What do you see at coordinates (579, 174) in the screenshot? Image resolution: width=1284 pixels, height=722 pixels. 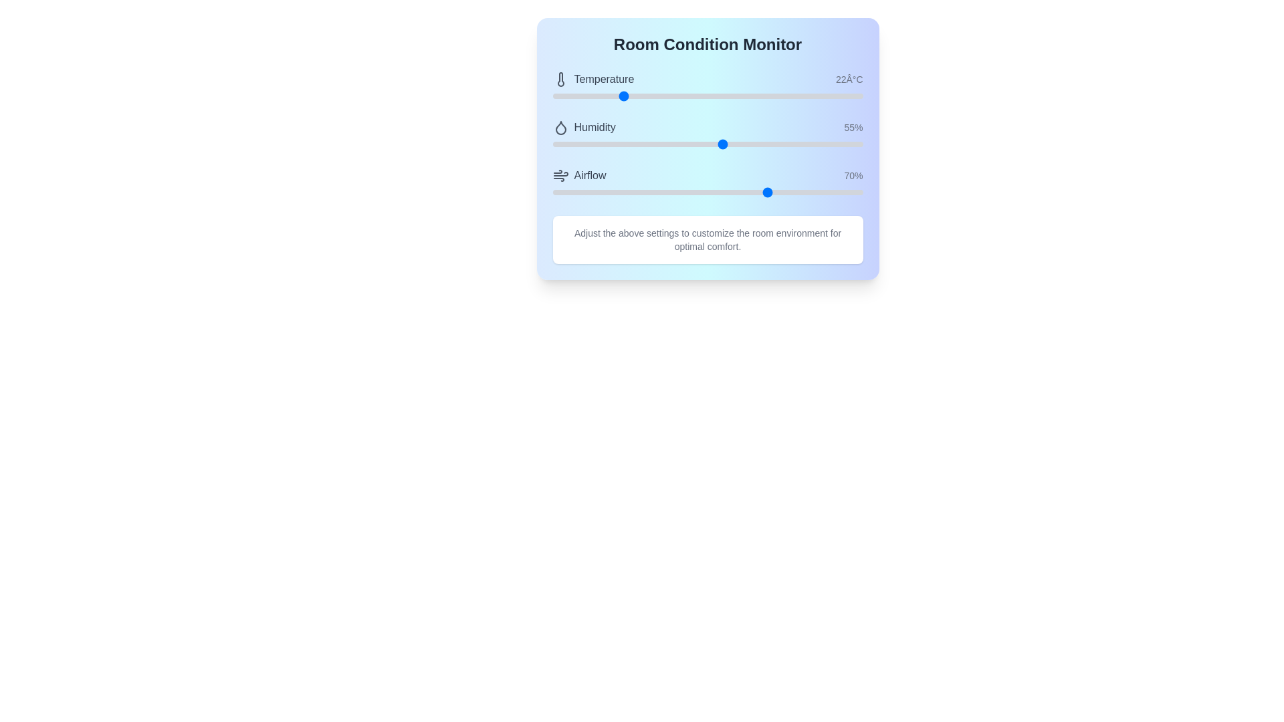 I see `the 'Airflow' label with the adjacent wind pattern icon, which is located within the 'Room Condition Monitor' card under the 'Humidity' section` at bounding box center [579, 174].